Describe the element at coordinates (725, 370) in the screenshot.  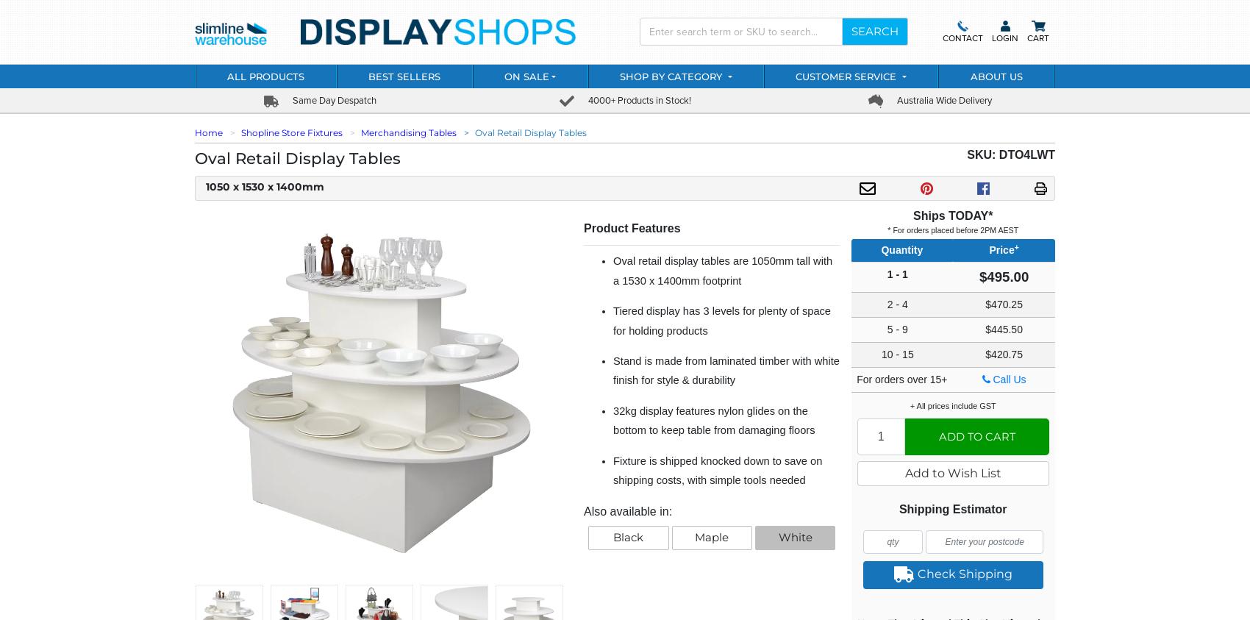
I see `'Stand is made from laminated timber with white finish for style & durability'` at that location.